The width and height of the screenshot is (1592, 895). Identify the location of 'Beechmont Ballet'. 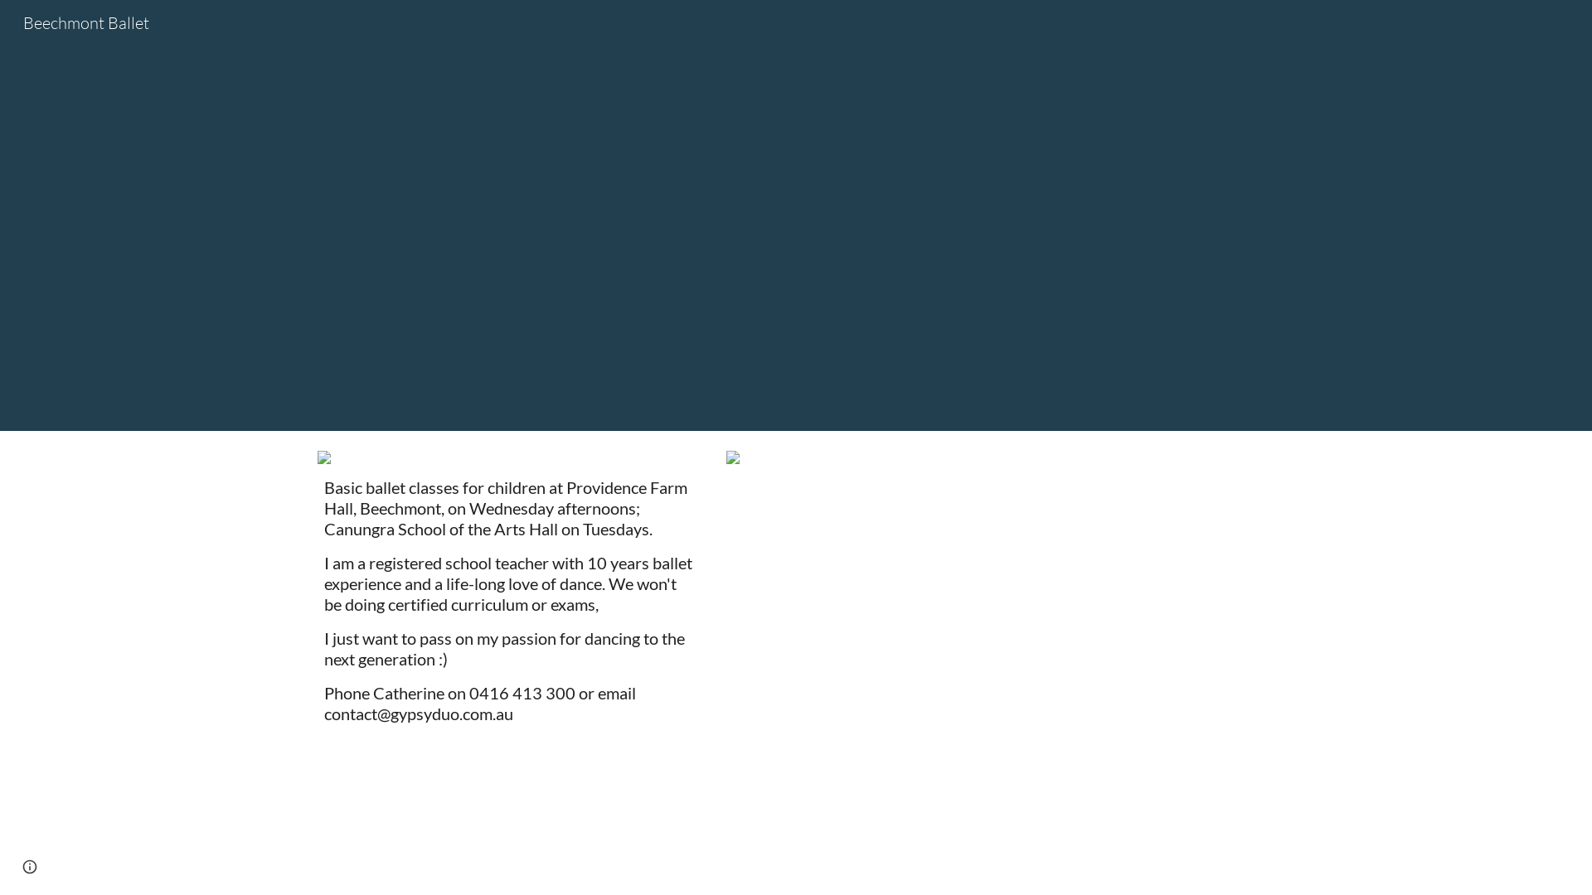
(85, 21).